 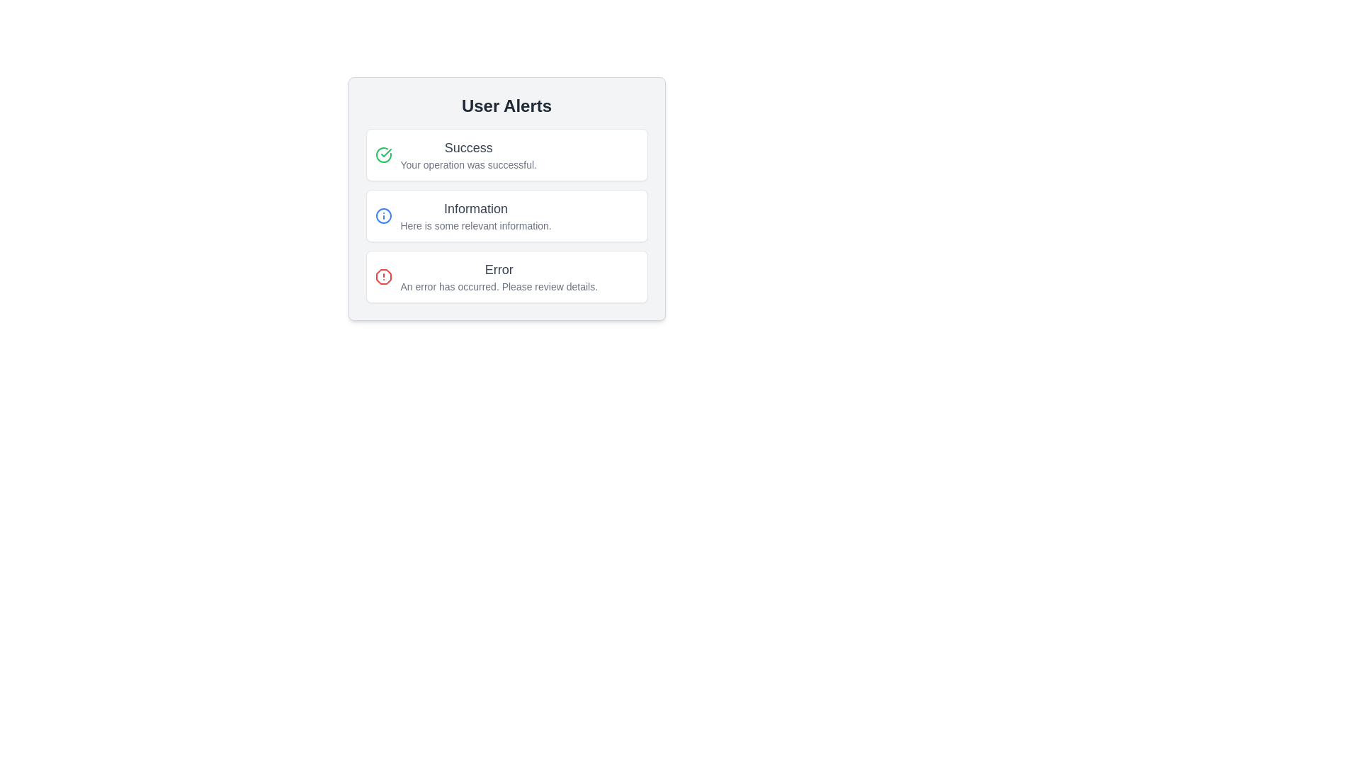 I want to click on the text label displaying 'Error', which is styled in bold, medium size, and dark gray, located in the third section of the User Alerts panel, so click(x=499, y=270).